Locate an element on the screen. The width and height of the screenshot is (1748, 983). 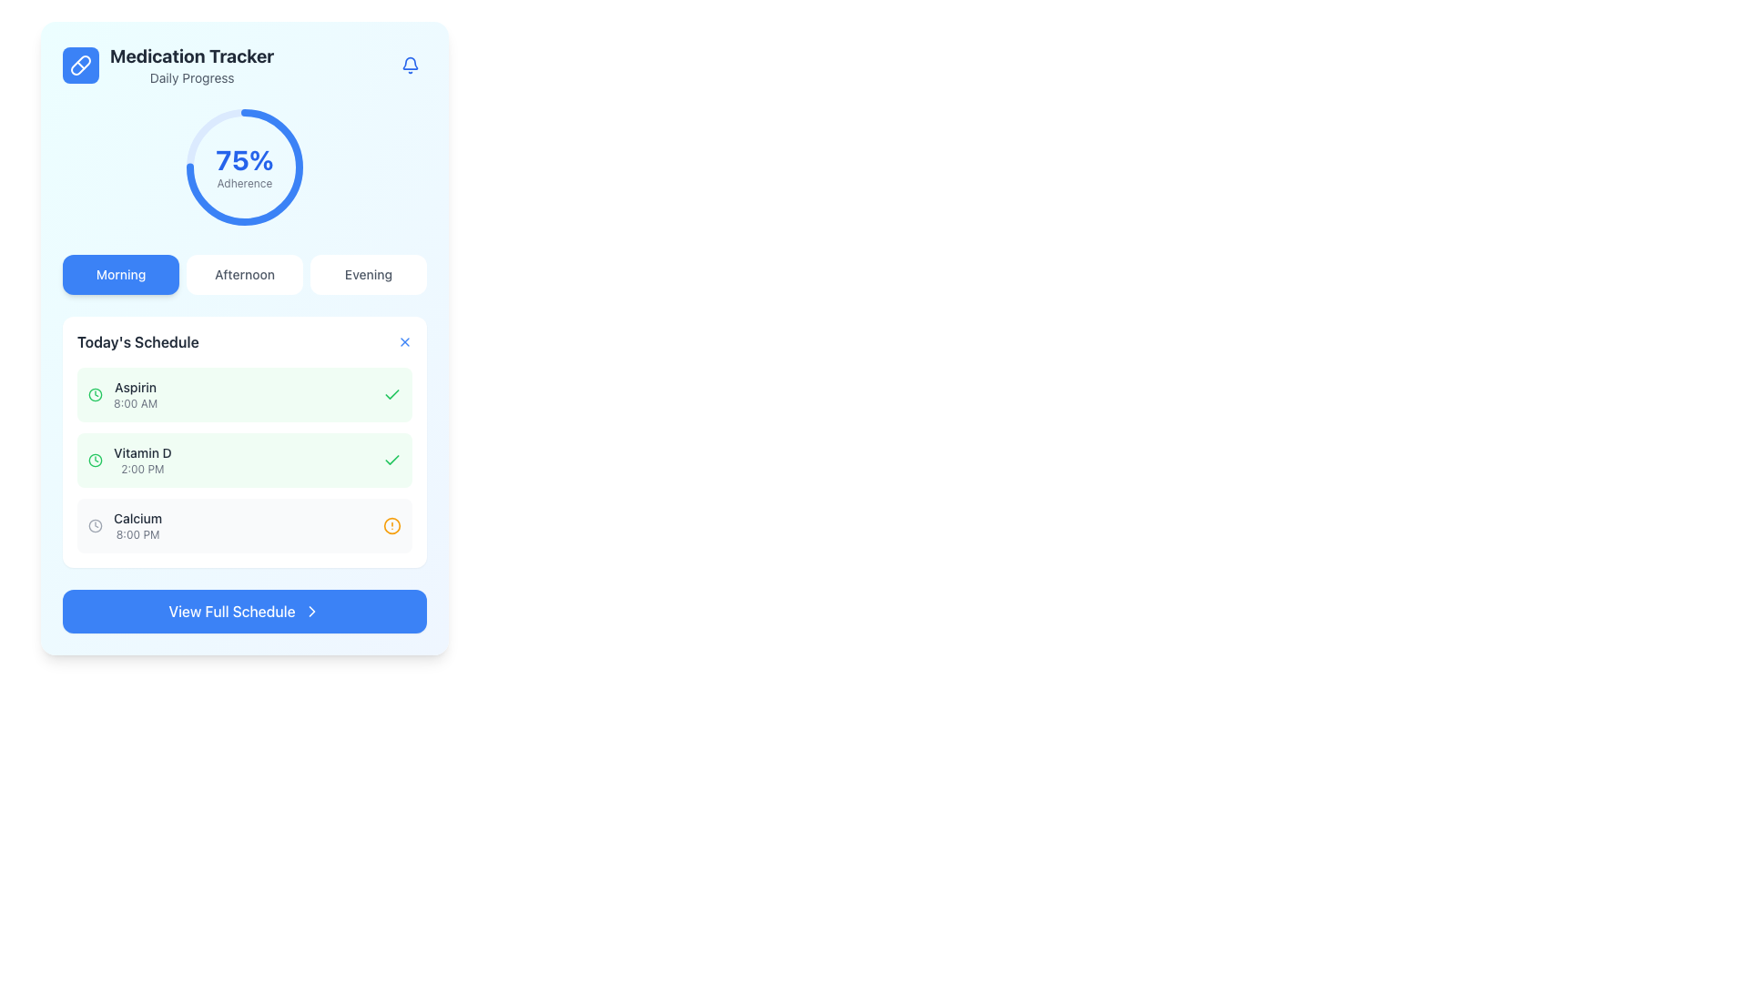
the percentage value displayed in the Circular Progress Indicator located in the upper section of the 'Medication Tracker' card, below the 'Medication Tracker' and 'Daily Progress' labels is located at coordinates (243, 167).